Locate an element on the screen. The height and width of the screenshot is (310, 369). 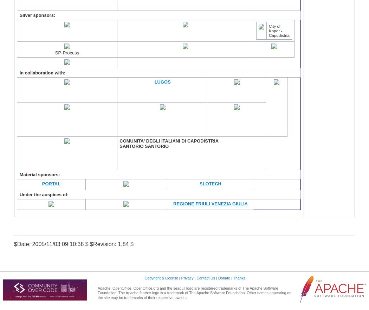
'Donate' is located at coordinates (224, 277).